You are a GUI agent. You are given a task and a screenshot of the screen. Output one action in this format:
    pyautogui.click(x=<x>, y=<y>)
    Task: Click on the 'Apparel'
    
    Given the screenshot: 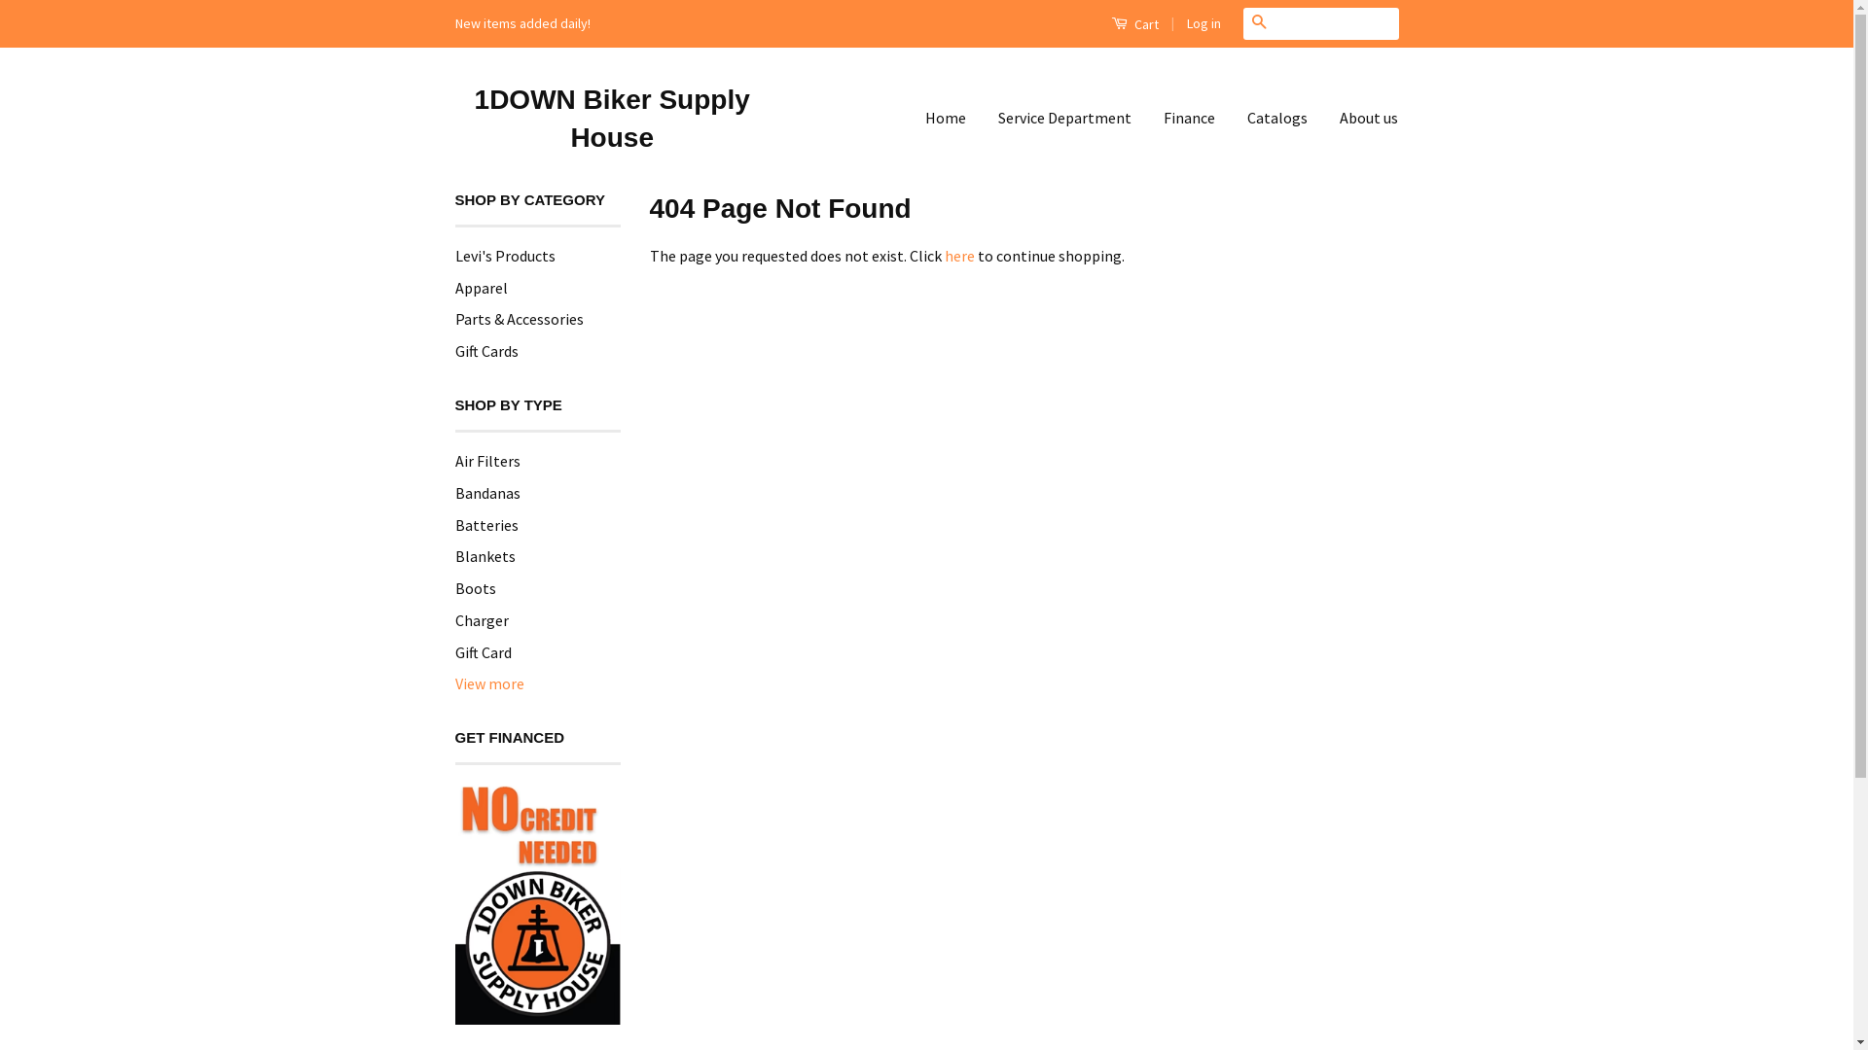 What is the action you would take?
    pyautogui.click(x=481, y=288)
    